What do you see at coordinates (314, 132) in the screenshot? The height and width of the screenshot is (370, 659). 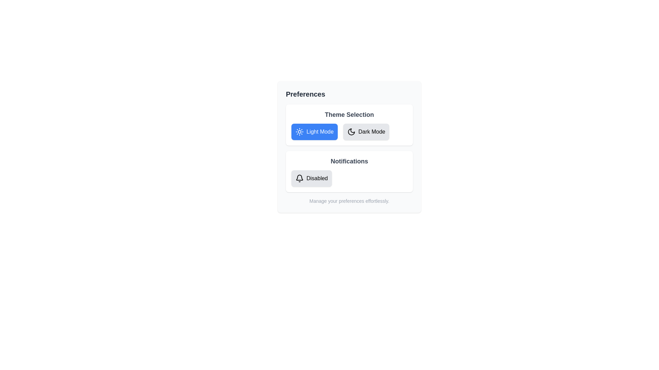 I see `the 'Light Mode' button, which is a rectangular button with rounded corners, blue background, and white text, located` at bounding box center [314, 132].